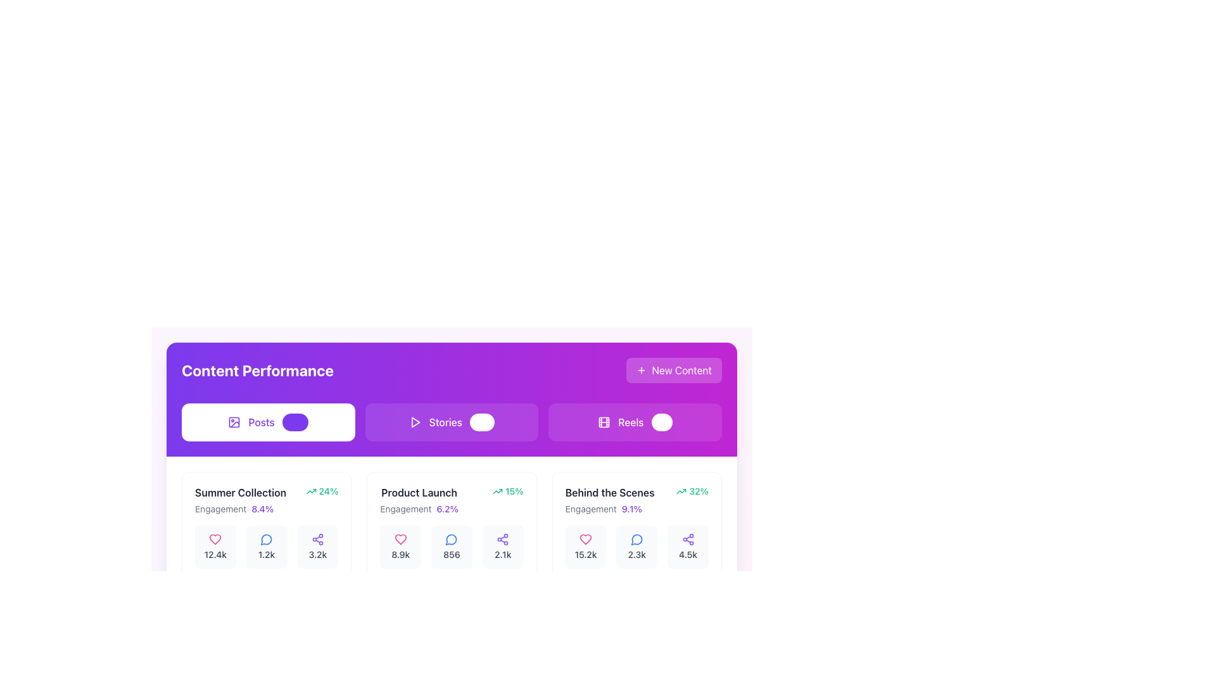 Image resolution: width=1216 pixels, height=684 pixels. Describe the element at coordinates (502, 554) in the screenshot. I see `the text label displaying '2.1k' located at the bottom-right part of the performance metrics section` at that location.